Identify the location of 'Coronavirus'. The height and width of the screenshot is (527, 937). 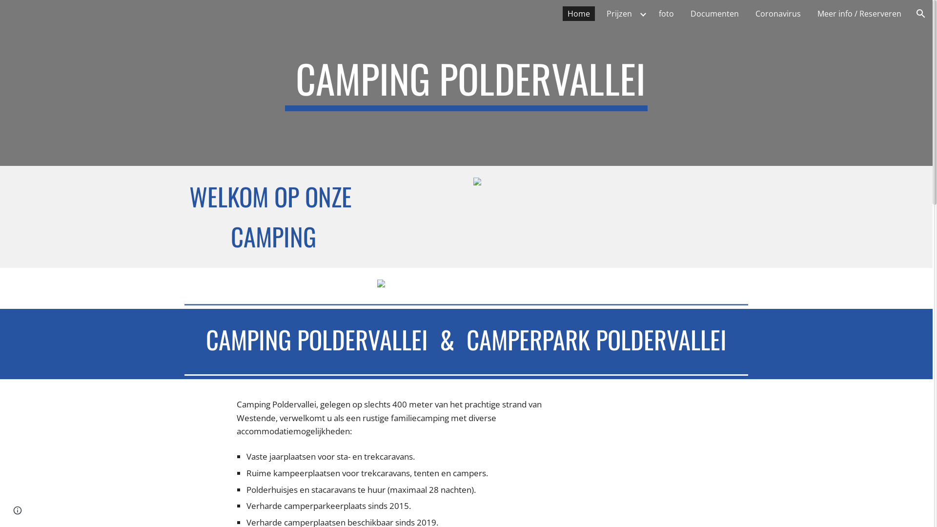
(777, 13).